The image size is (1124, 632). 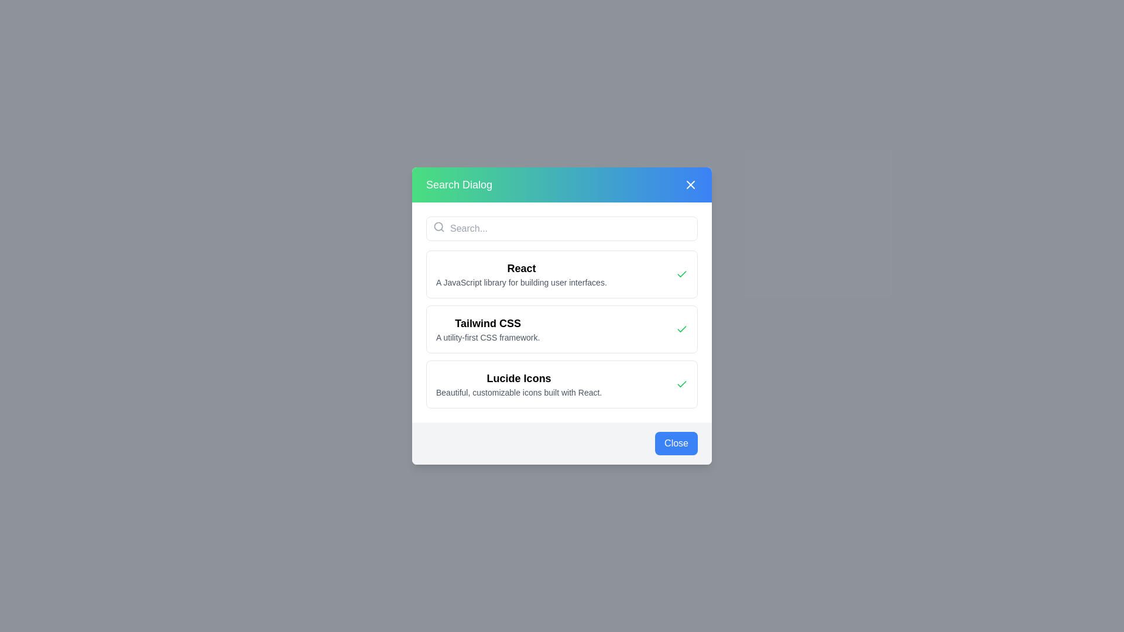 I want to click on text description displayed in the text field that shows 'Lucide Icons' and 'Beautiful, customizable icons built with React.', so click(x=518, y=384).